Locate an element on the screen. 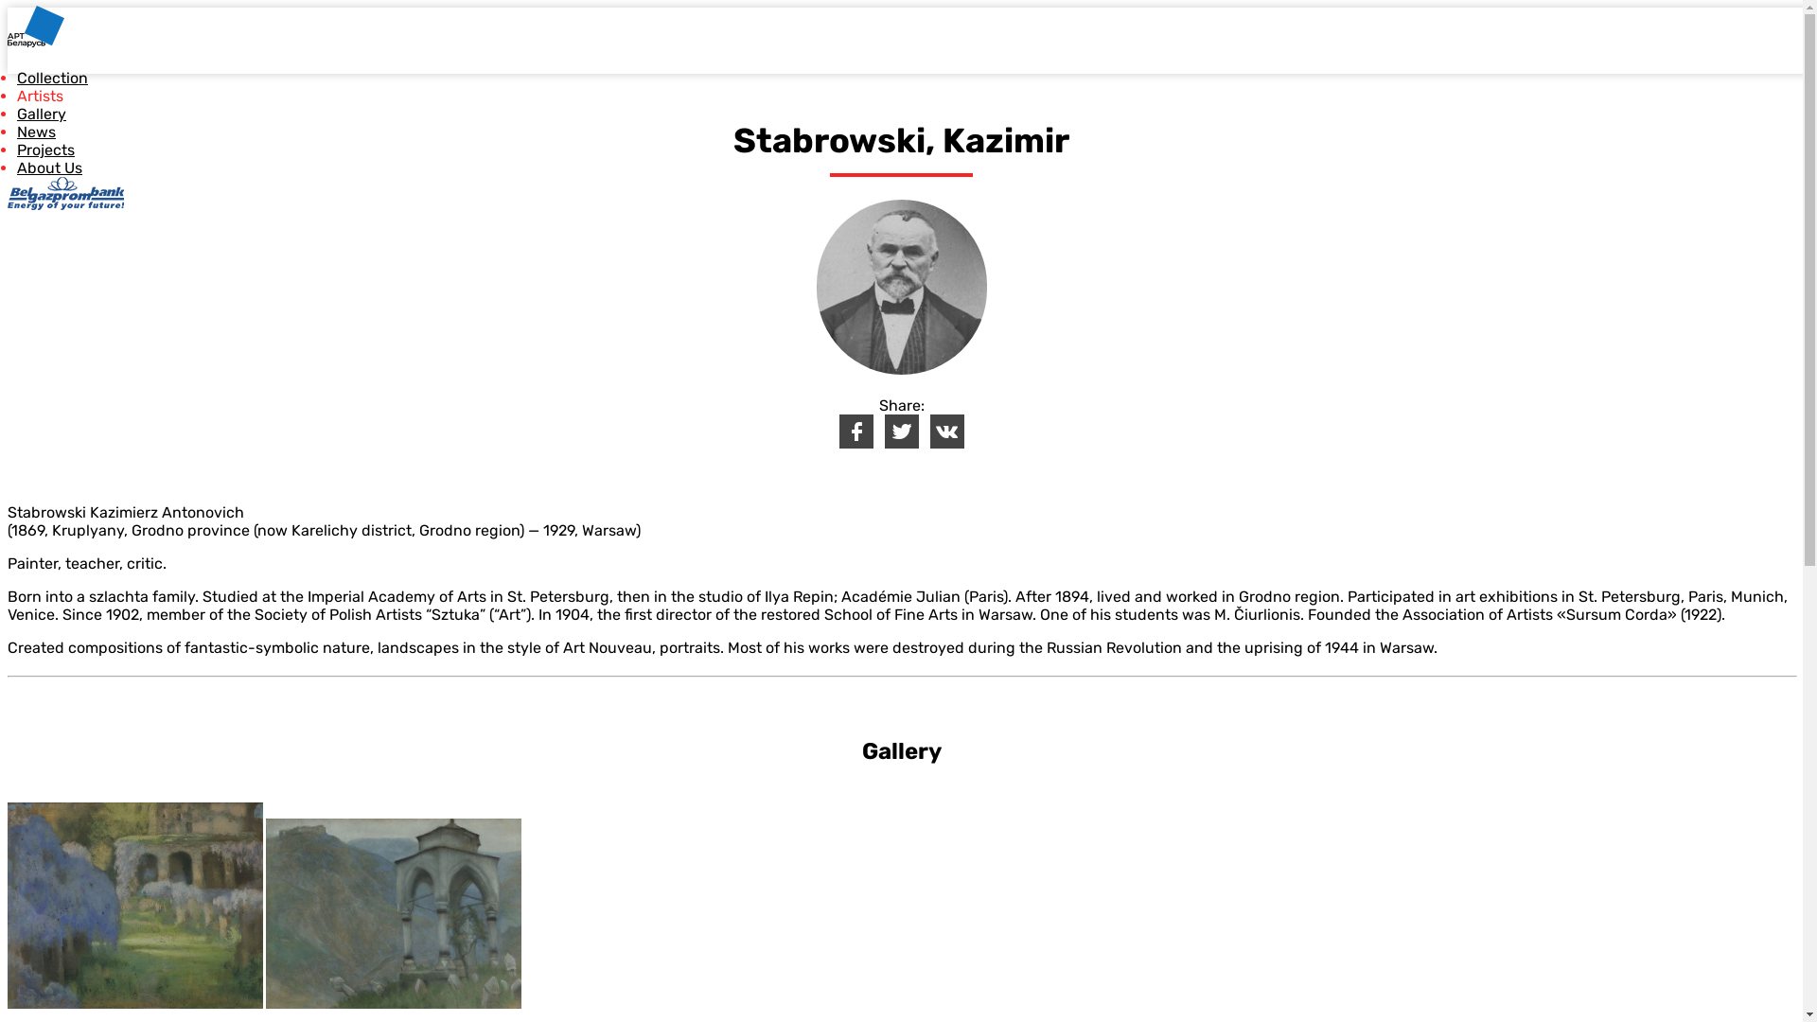 This screenshot has height=1022, width=1817. 'Artists' is located at coordinates (40, 96).